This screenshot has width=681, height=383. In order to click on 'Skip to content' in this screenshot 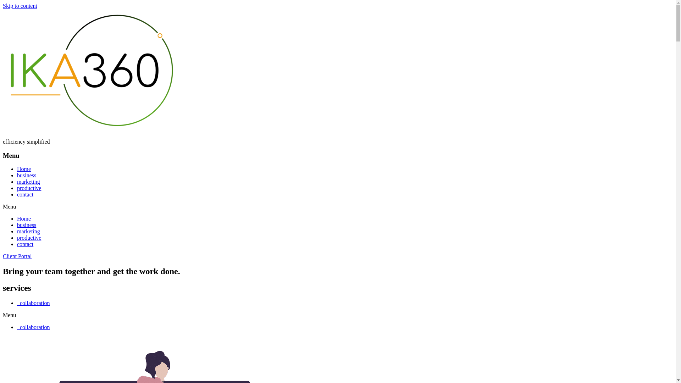, I will do `click(3, 6)`.